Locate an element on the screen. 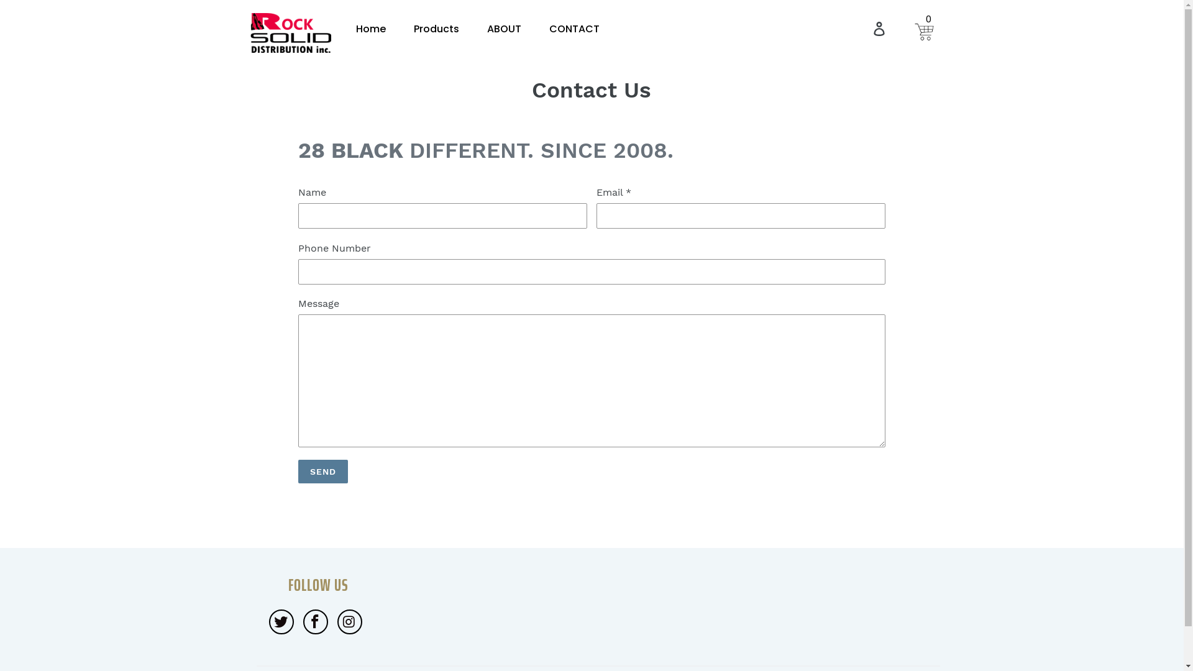 This screenshot has width=1193, height=671. 'Products' is located at coordinates (436, 28).